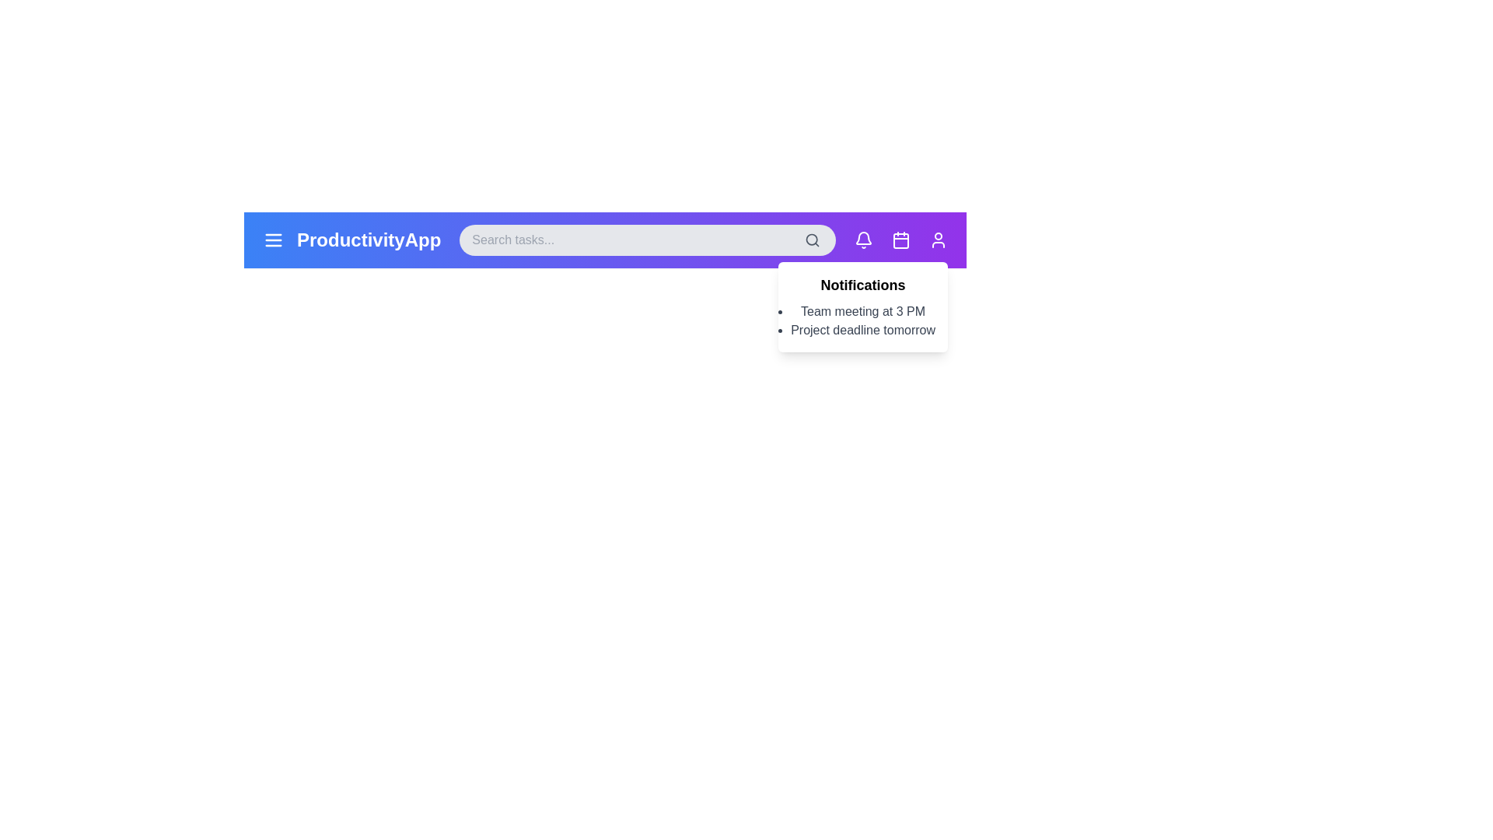 The height and width of the screenshot is (840, 1493). I want to click on the user profile icon to view user options, so click(937, 240).